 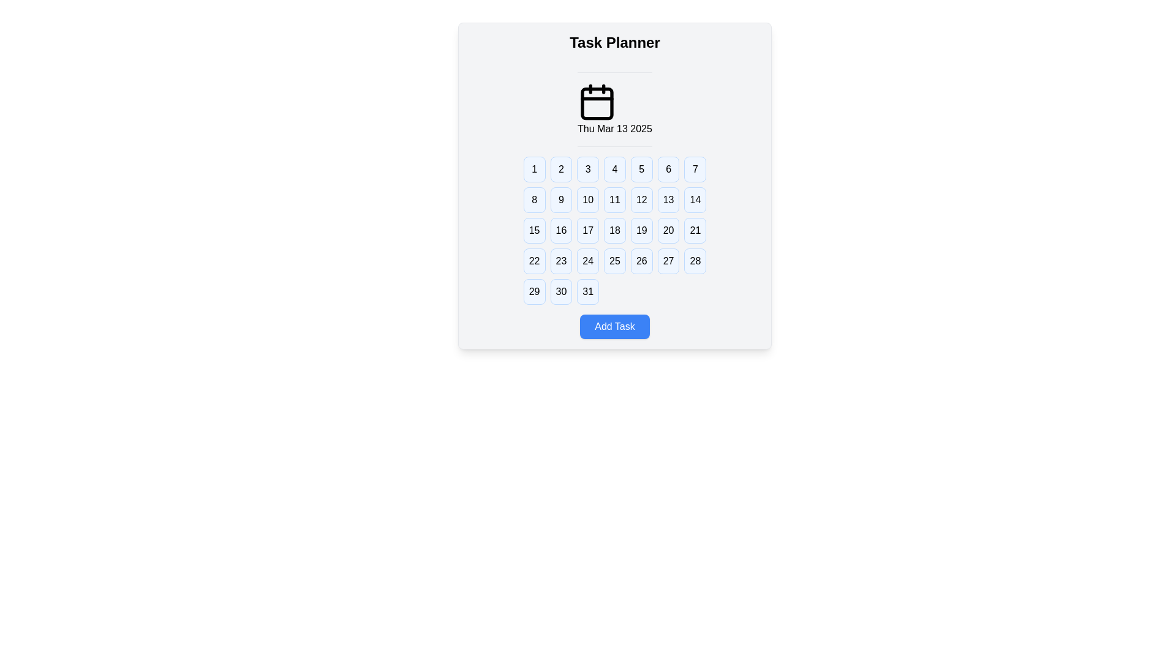 What do you see at coordinates (560, 231) in the screenshot?
I see `the button representing the 16th day of the month in the calendar interface` at bounding box center [560, 231].